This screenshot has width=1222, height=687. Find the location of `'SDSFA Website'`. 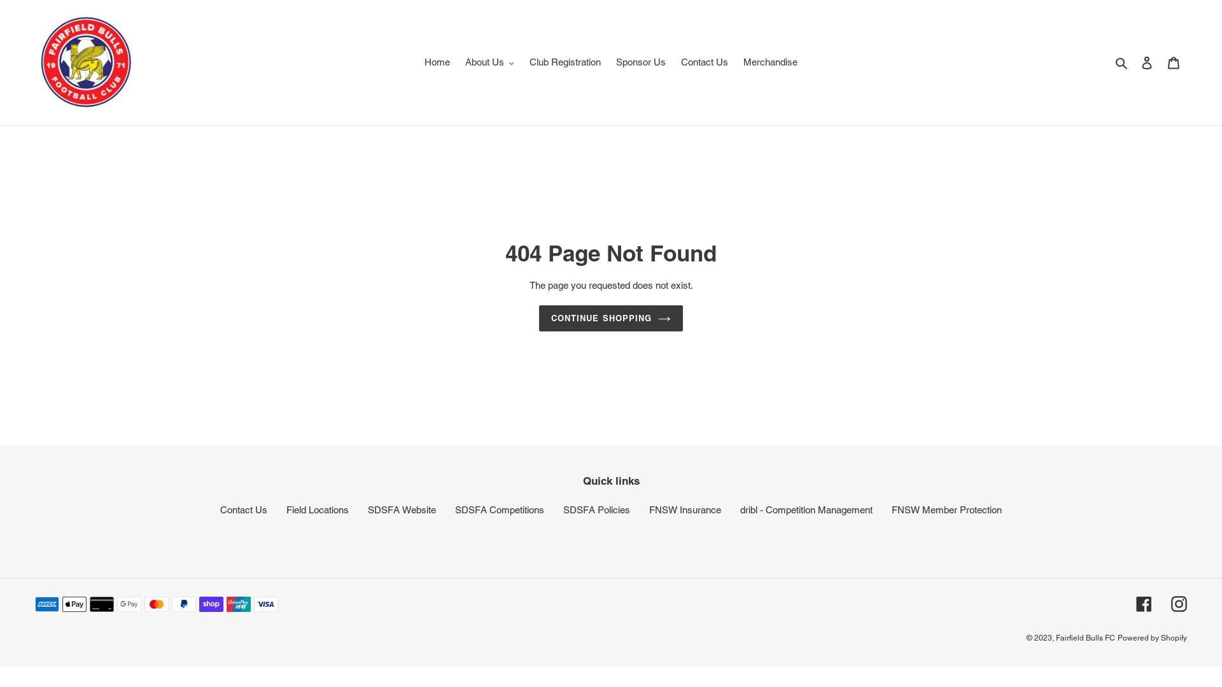

'SDSFA Website' is located at coordinates (367, 509).